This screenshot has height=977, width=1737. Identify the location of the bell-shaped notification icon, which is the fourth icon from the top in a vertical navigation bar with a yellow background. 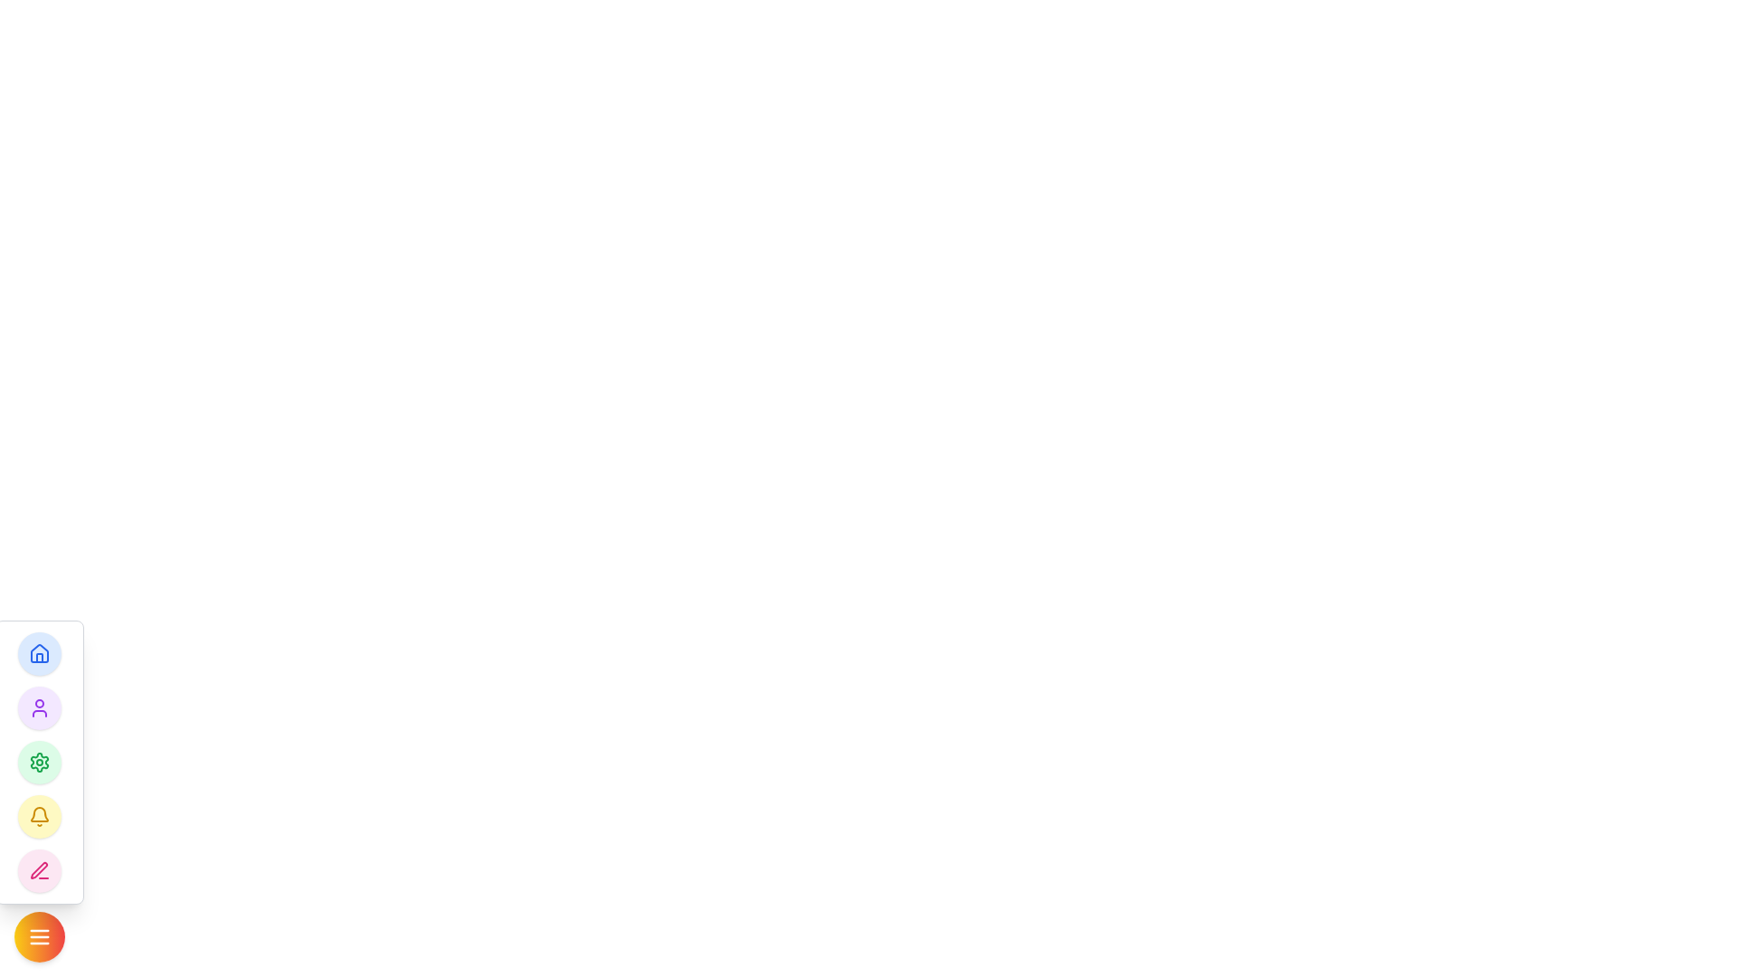
(39, 816).